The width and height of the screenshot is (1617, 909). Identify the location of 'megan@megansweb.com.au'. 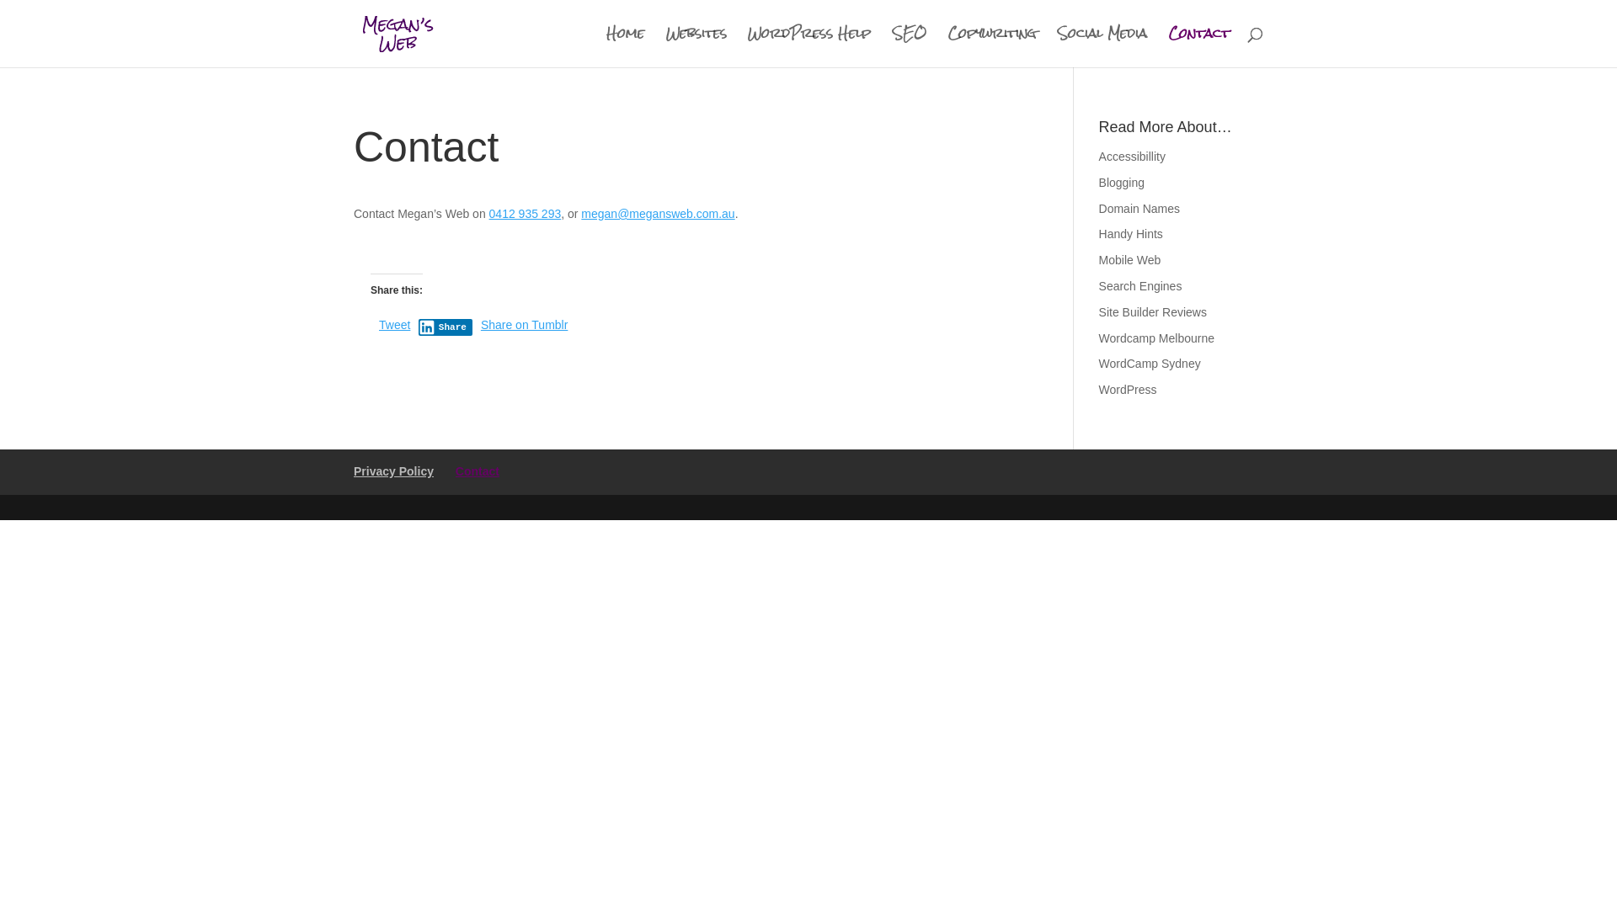
(657, 213).